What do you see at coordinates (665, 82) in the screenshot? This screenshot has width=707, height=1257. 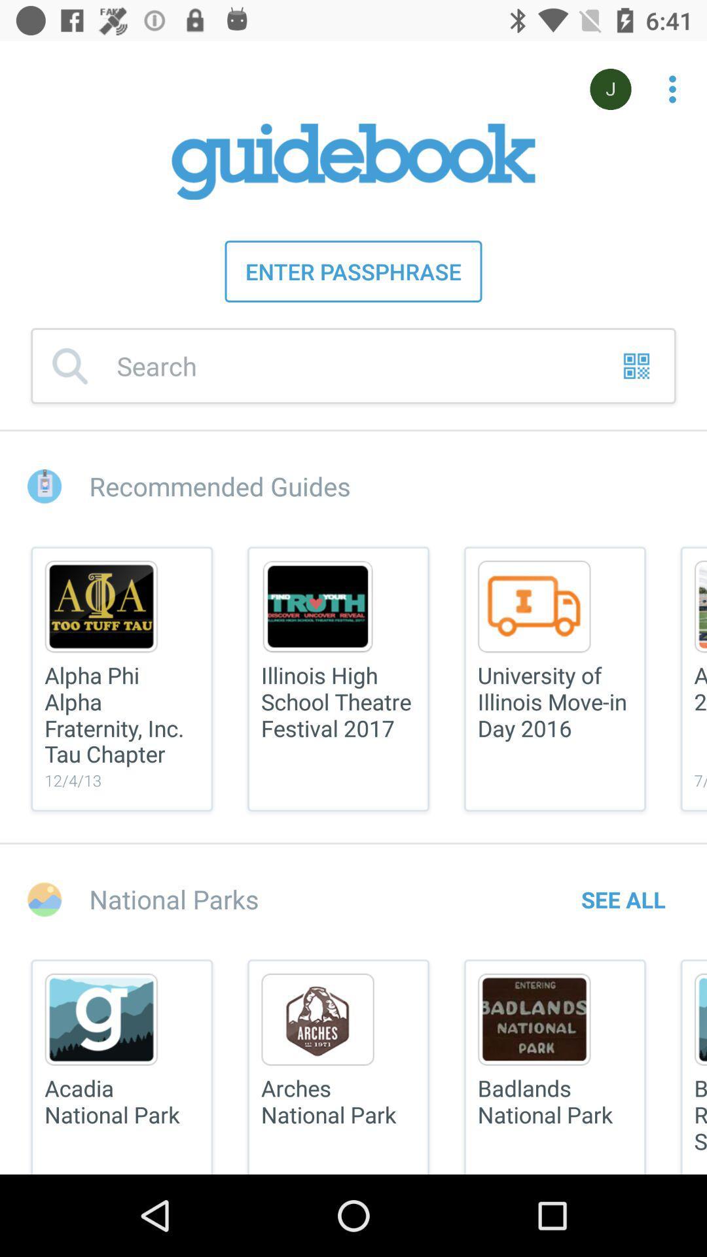 I see `the more icon` at bounding box center [665, 82].